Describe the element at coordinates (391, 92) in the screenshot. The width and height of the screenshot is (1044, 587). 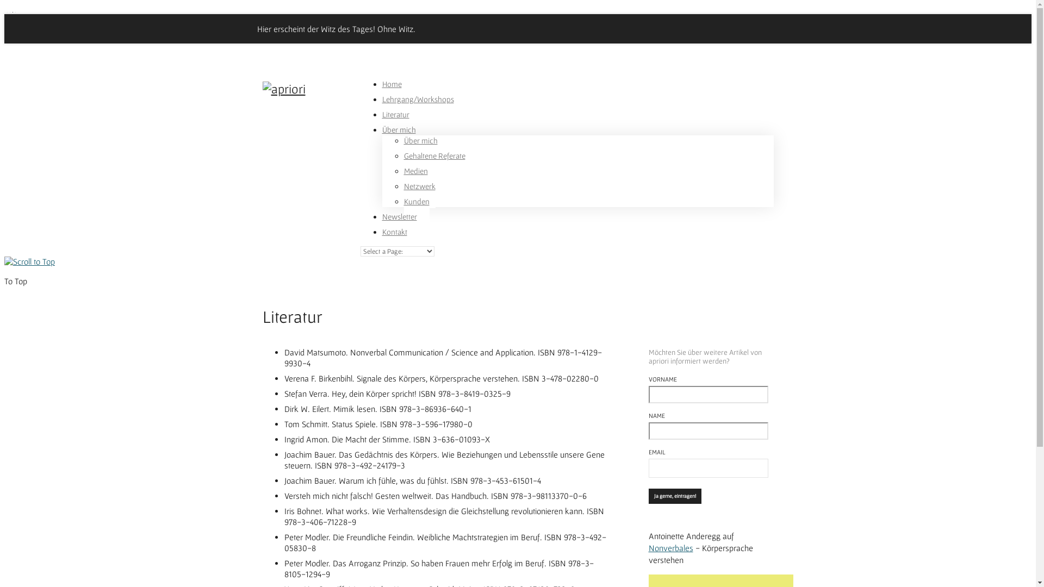
I see `'Home'` at that location.